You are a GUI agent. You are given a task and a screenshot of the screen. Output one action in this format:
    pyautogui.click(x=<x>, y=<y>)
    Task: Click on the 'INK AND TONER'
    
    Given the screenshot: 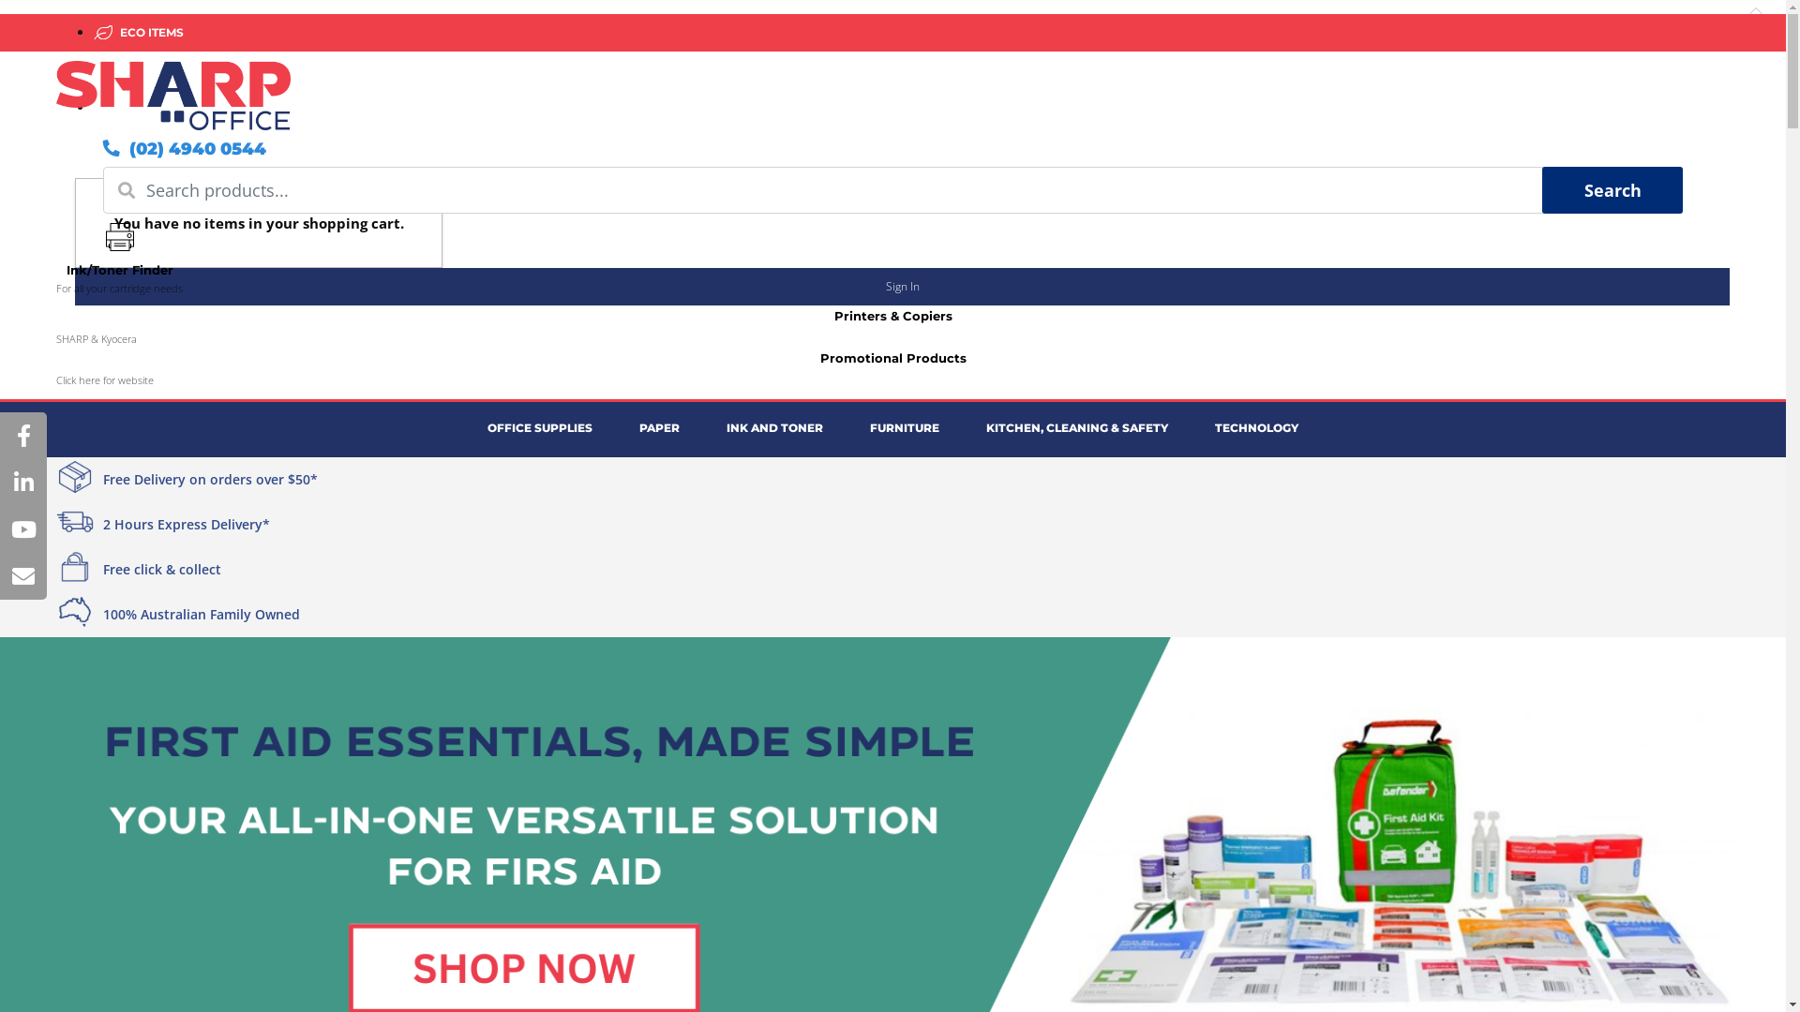 What is the action you would take?
    pyautogui.click(x=774, y=427)
    